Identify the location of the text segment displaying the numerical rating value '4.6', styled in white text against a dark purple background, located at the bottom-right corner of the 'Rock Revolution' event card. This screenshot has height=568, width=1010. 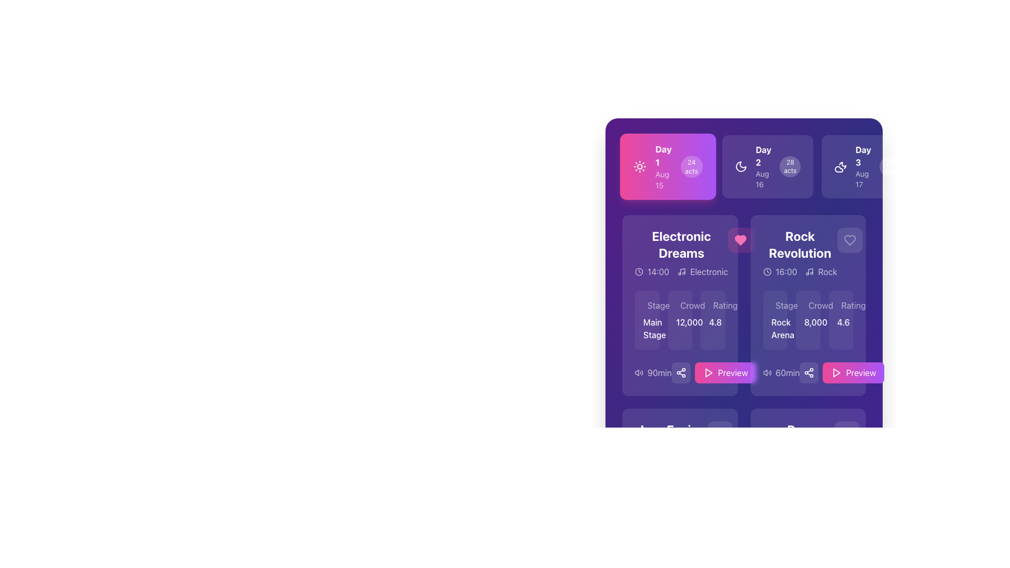
(840, 320).